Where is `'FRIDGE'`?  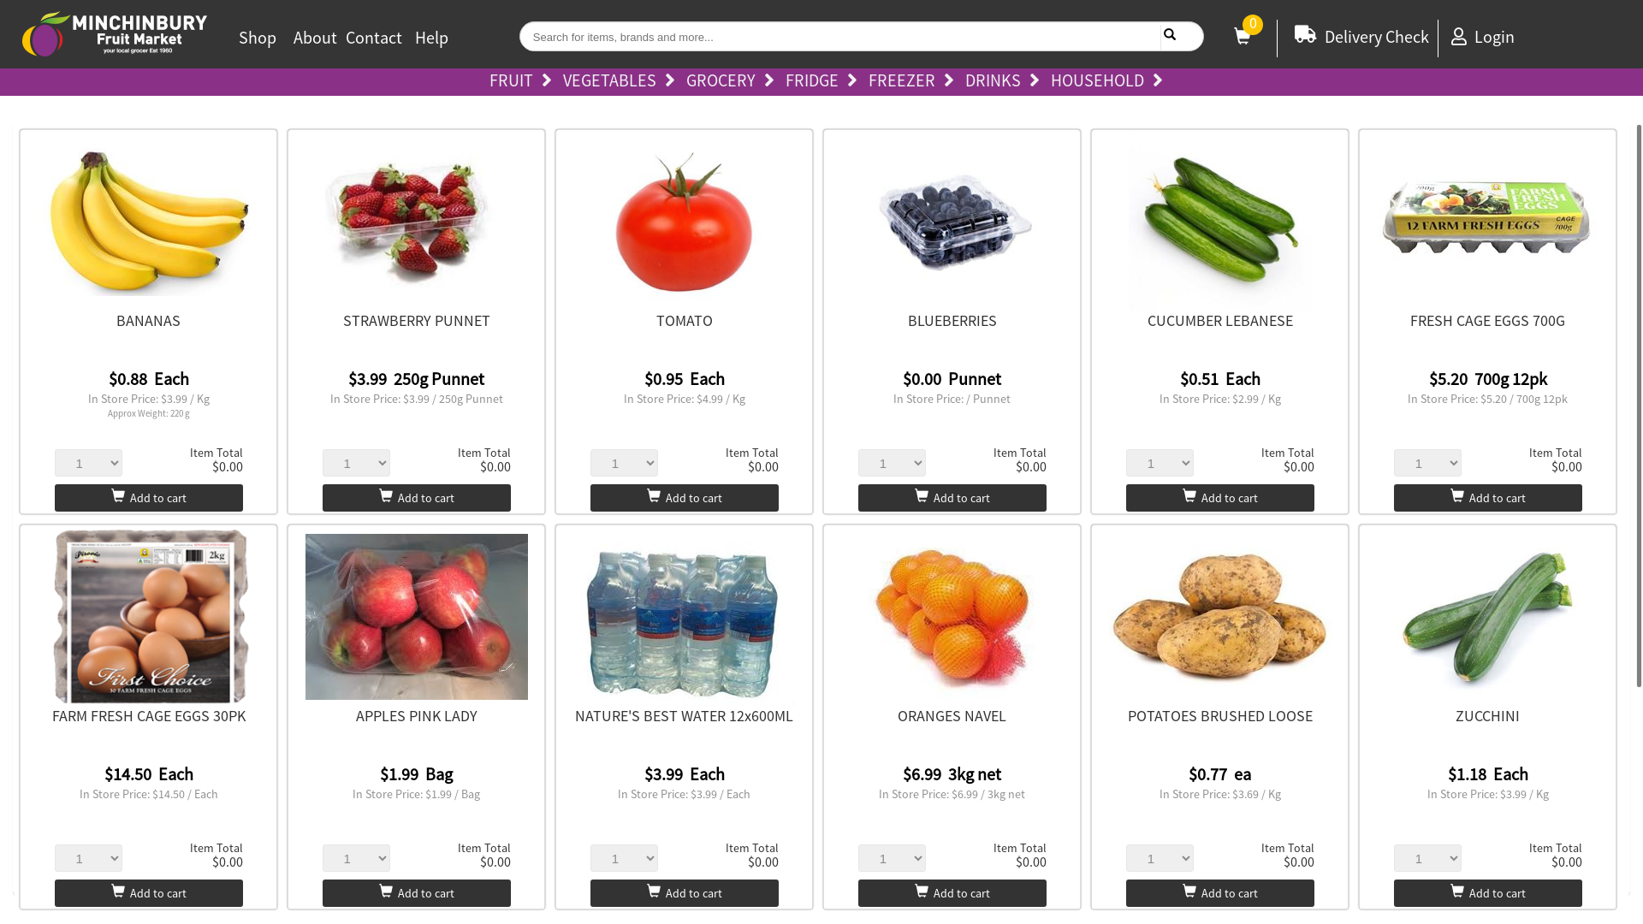 'FRIDGE' is located at coordinates (825, 81).